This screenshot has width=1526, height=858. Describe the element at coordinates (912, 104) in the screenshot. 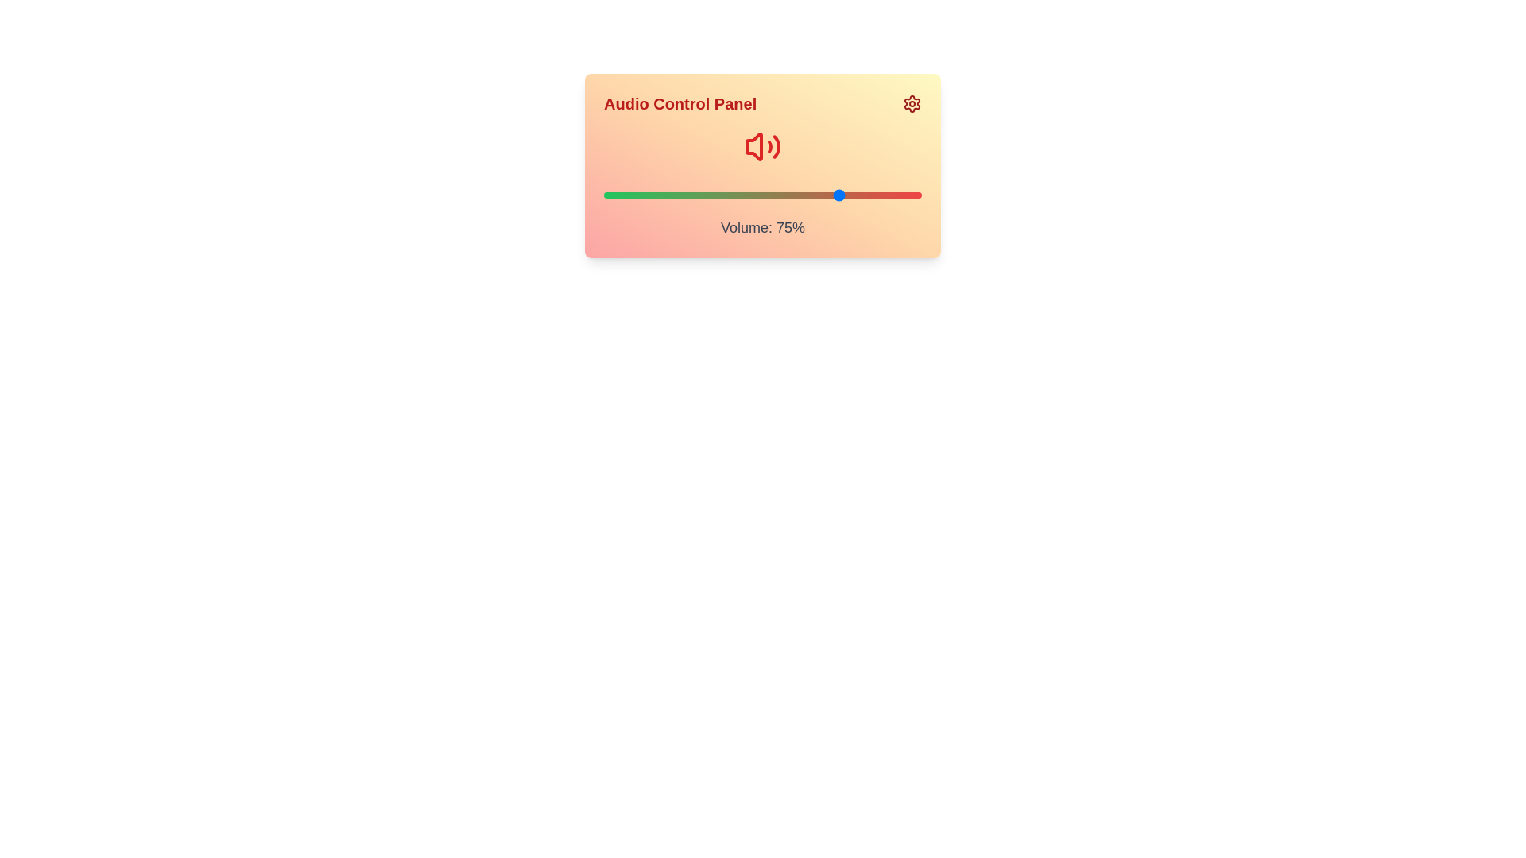

I see `the settings icon in the Audio Control Panel` at that location.